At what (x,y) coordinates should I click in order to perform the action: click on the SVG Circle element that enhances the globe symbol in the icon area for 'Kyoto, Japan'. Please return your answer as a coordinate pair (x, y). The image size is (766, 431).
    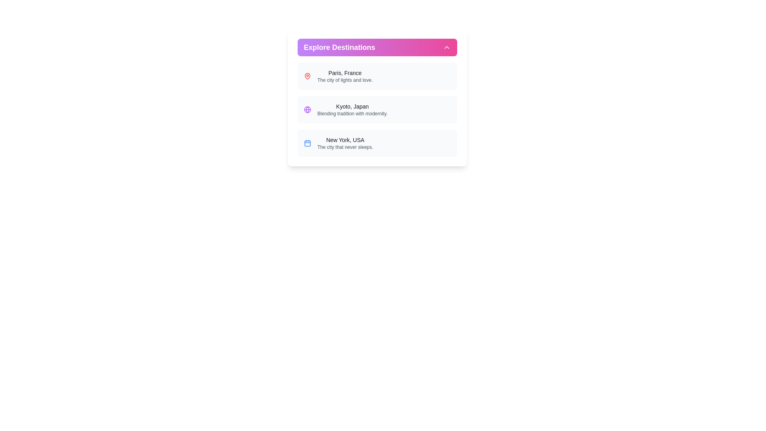
    Looking at the image, I should click on (307, 109).